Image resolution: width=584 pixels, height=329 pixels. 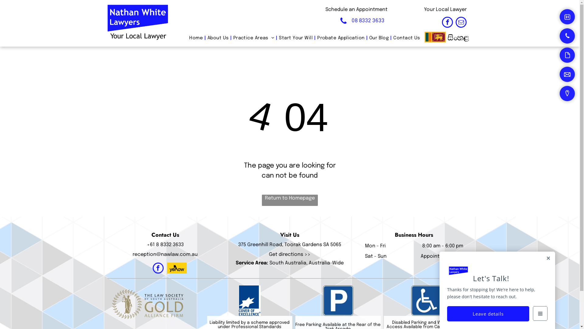 I want to click on 'Return to Homepage', so click(x=289, y=200).